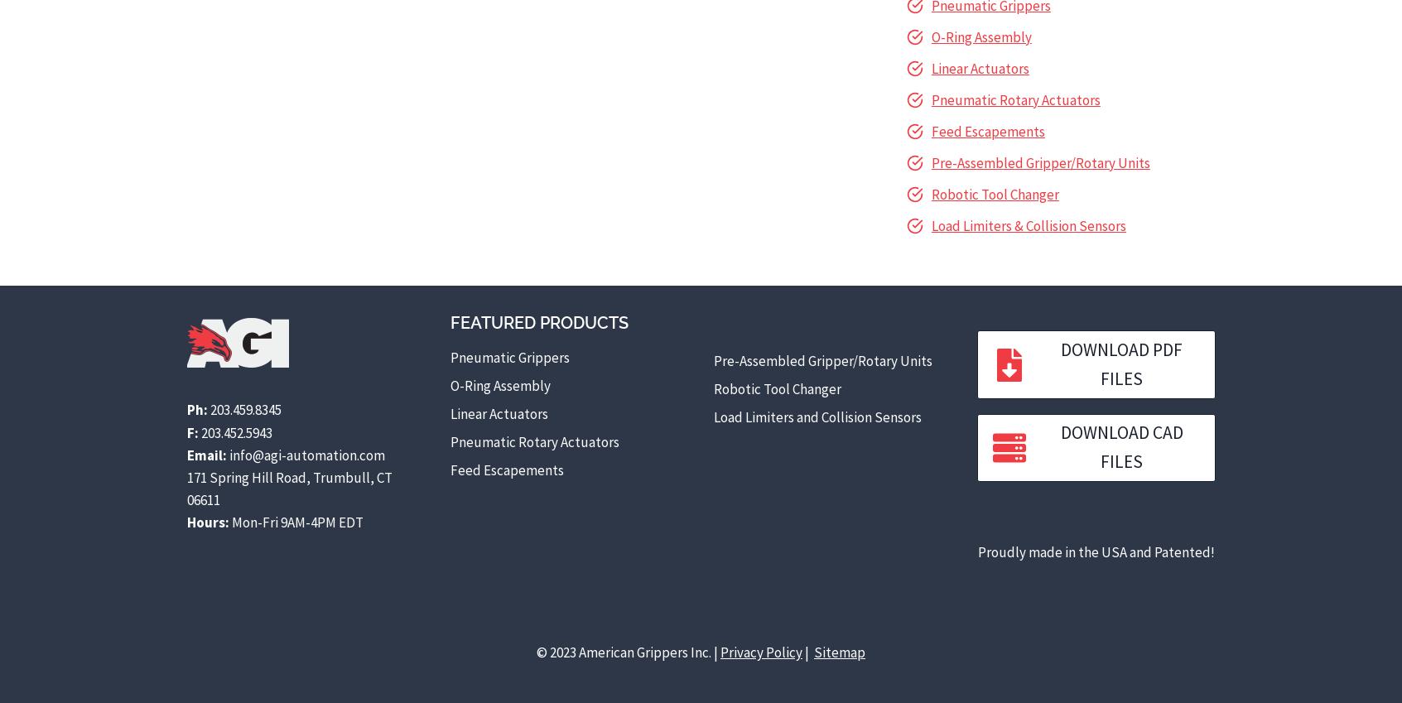 Image resolution: width=1402 pixels, height=703 pixels. I want to click on 'Load Limiters and Collision Sensors', so click(817, 416).